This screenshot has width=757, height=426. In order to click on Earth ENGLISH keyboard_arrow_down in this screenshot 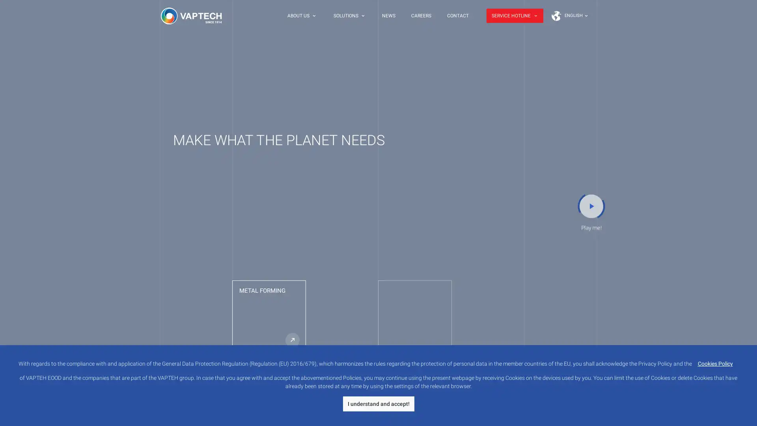, I will do `click(570, 15)`.